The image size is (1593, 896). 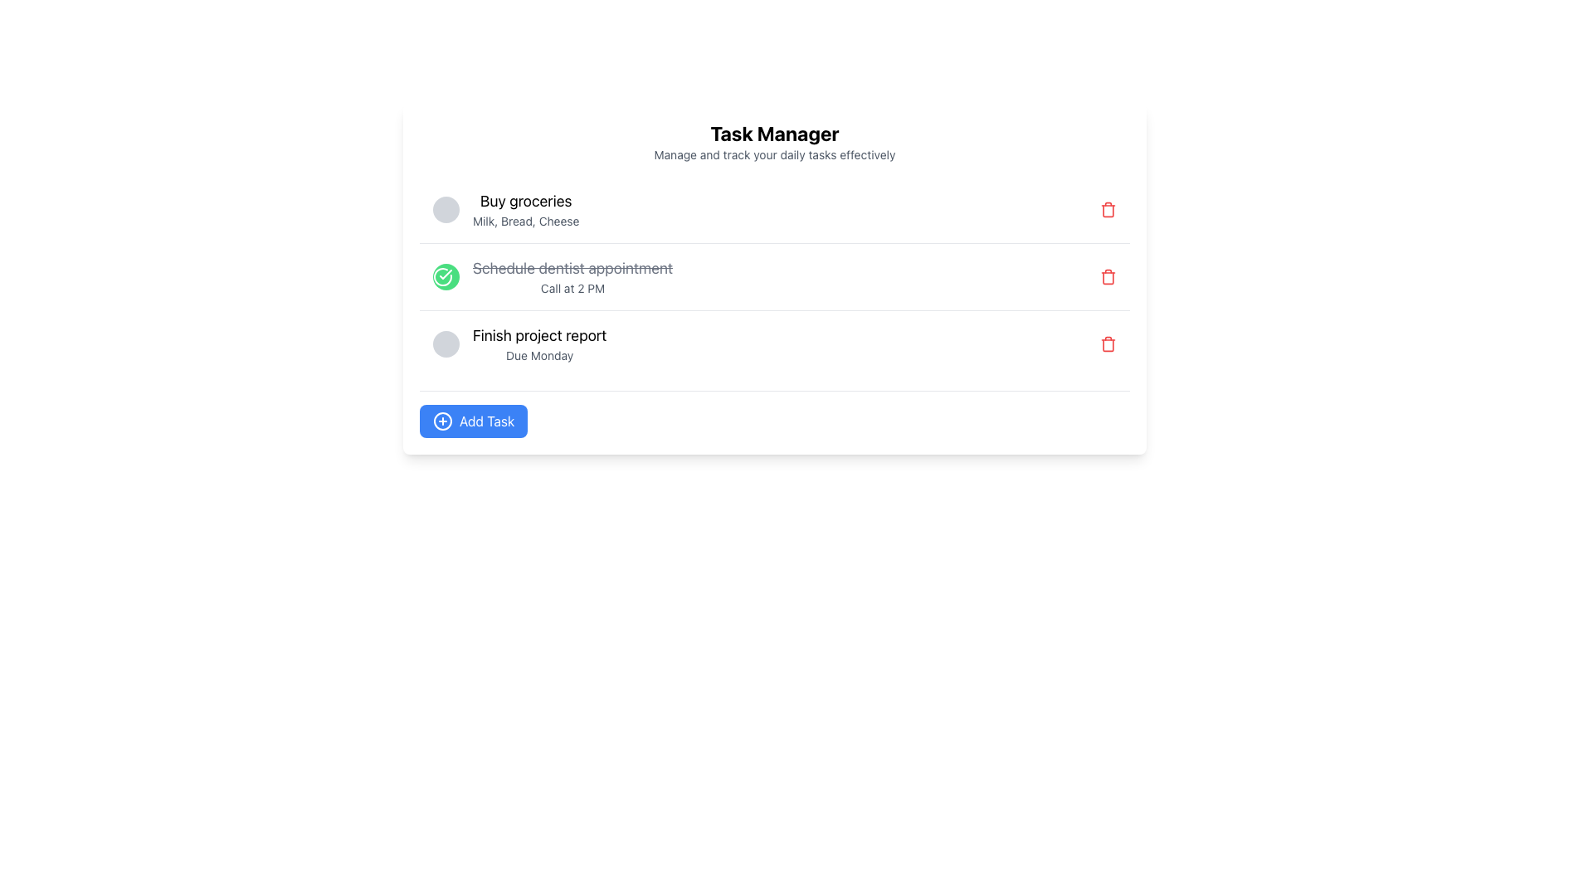 What do you see at coordinates (774, 133) in the screenshot?
I see `the 'Task Manager' text display which is bold and large, located at the top center of the interface` at bounding box center [774, 133].